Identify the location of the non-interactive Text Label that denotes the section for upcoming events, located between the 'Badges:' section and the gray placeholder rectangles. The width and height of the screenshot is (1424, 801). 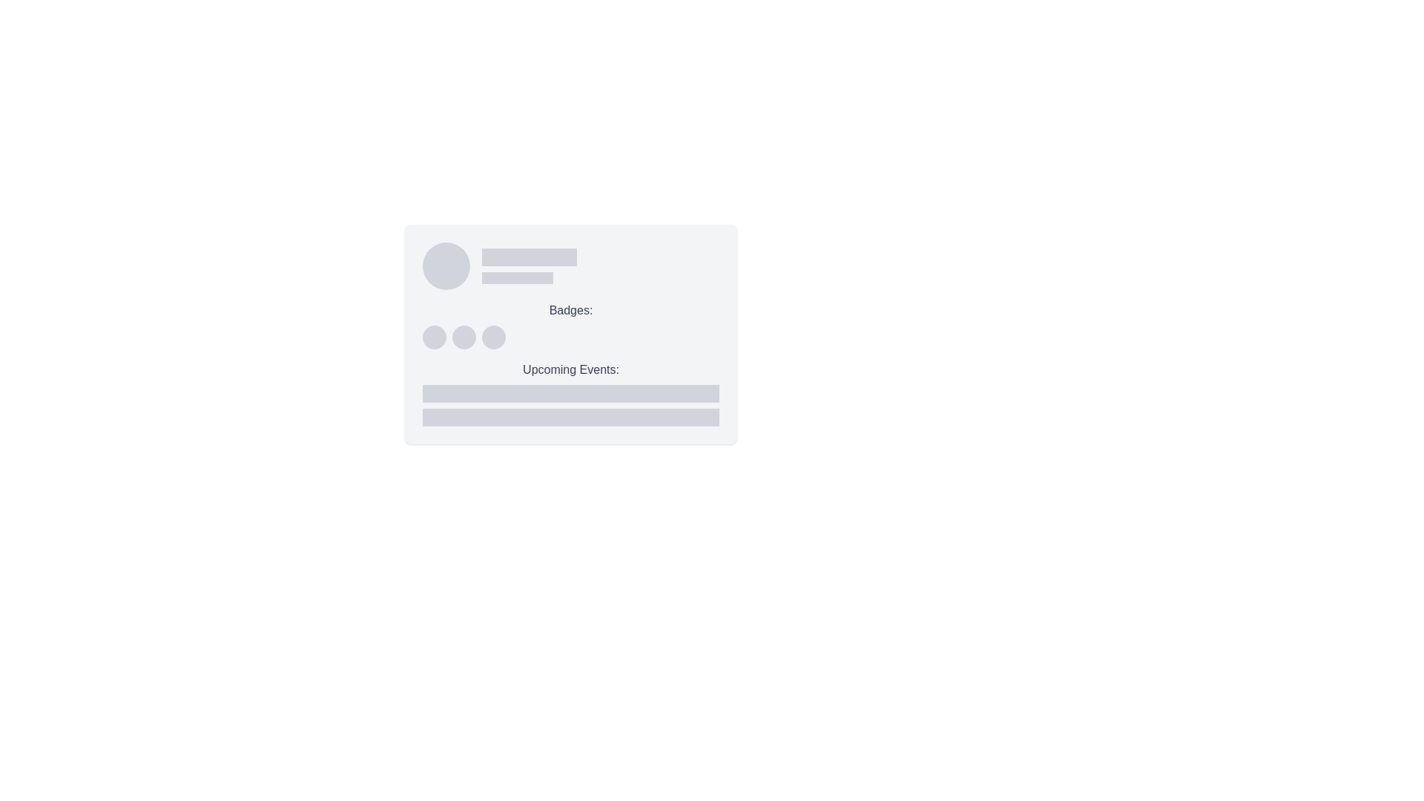
(570, 369).